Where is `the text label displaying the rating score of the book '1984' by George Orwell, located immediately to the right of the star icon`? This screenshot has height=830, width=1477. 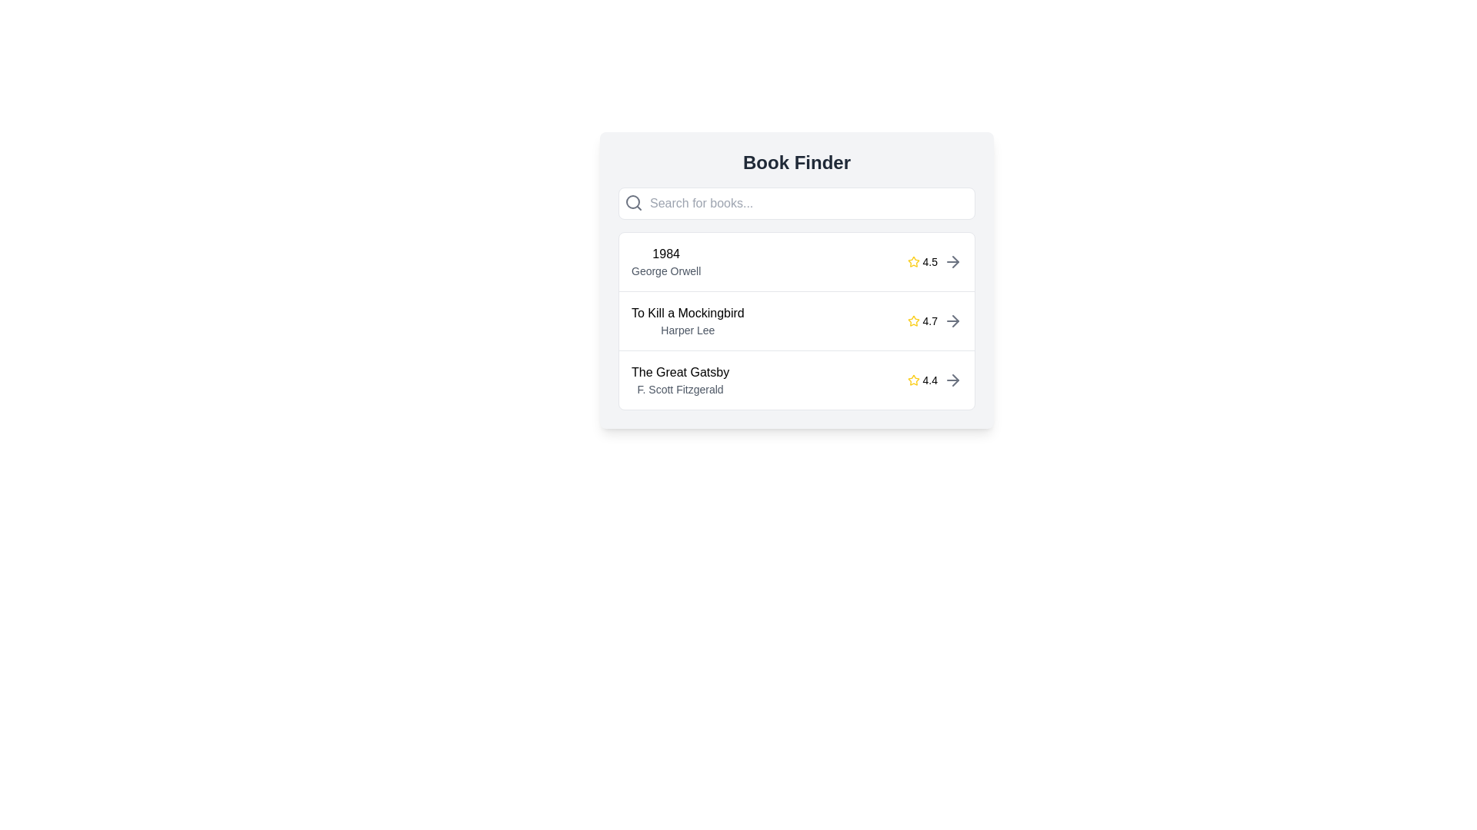
the text label displaying the rating score of the book '1984' by George Orwell, located immediately to the right of the star icon is located at coordinates (929, 261).